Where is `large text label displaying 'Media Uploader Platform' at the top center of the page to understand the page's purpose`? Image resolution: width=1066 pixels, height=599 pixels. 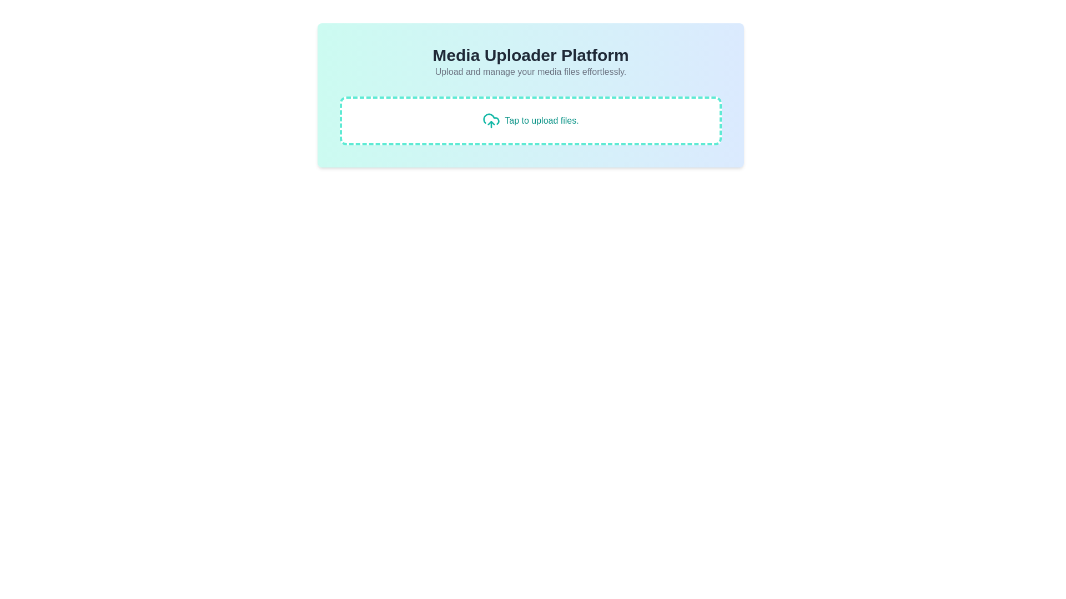 large text label displaying 'Media Uploader Platform' at the top center of the page to understand the page's purpose is located at coordinates (530, 55).